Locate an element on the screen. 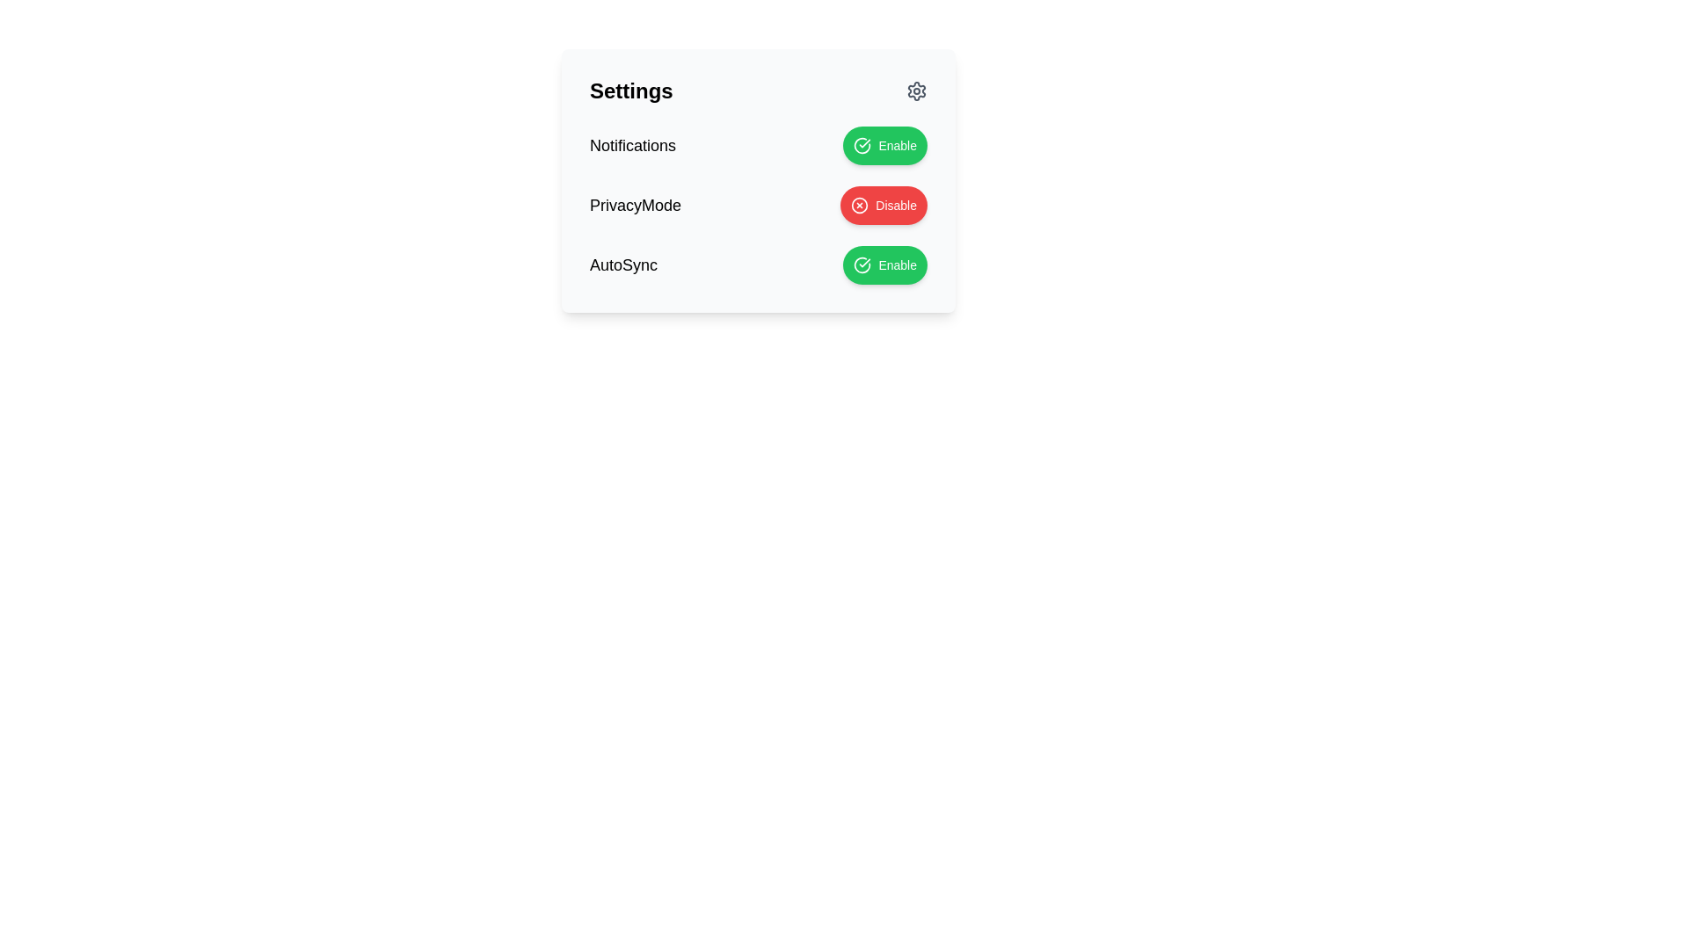 The width and height of the screenshot is (1688, 949). the settings gear icon located at the top right corner of the settings panel is located at coordinates (915, 91).